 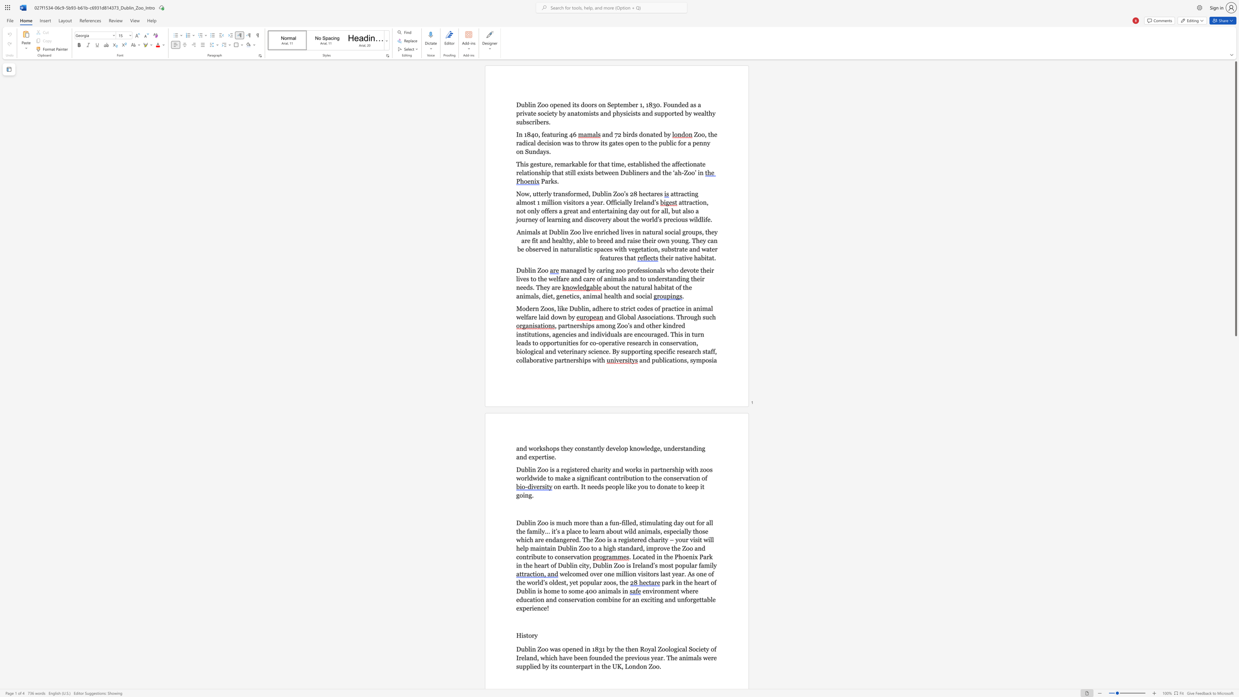 I want to click on the 1th character "o" in the text, so click(x=658, y=590).